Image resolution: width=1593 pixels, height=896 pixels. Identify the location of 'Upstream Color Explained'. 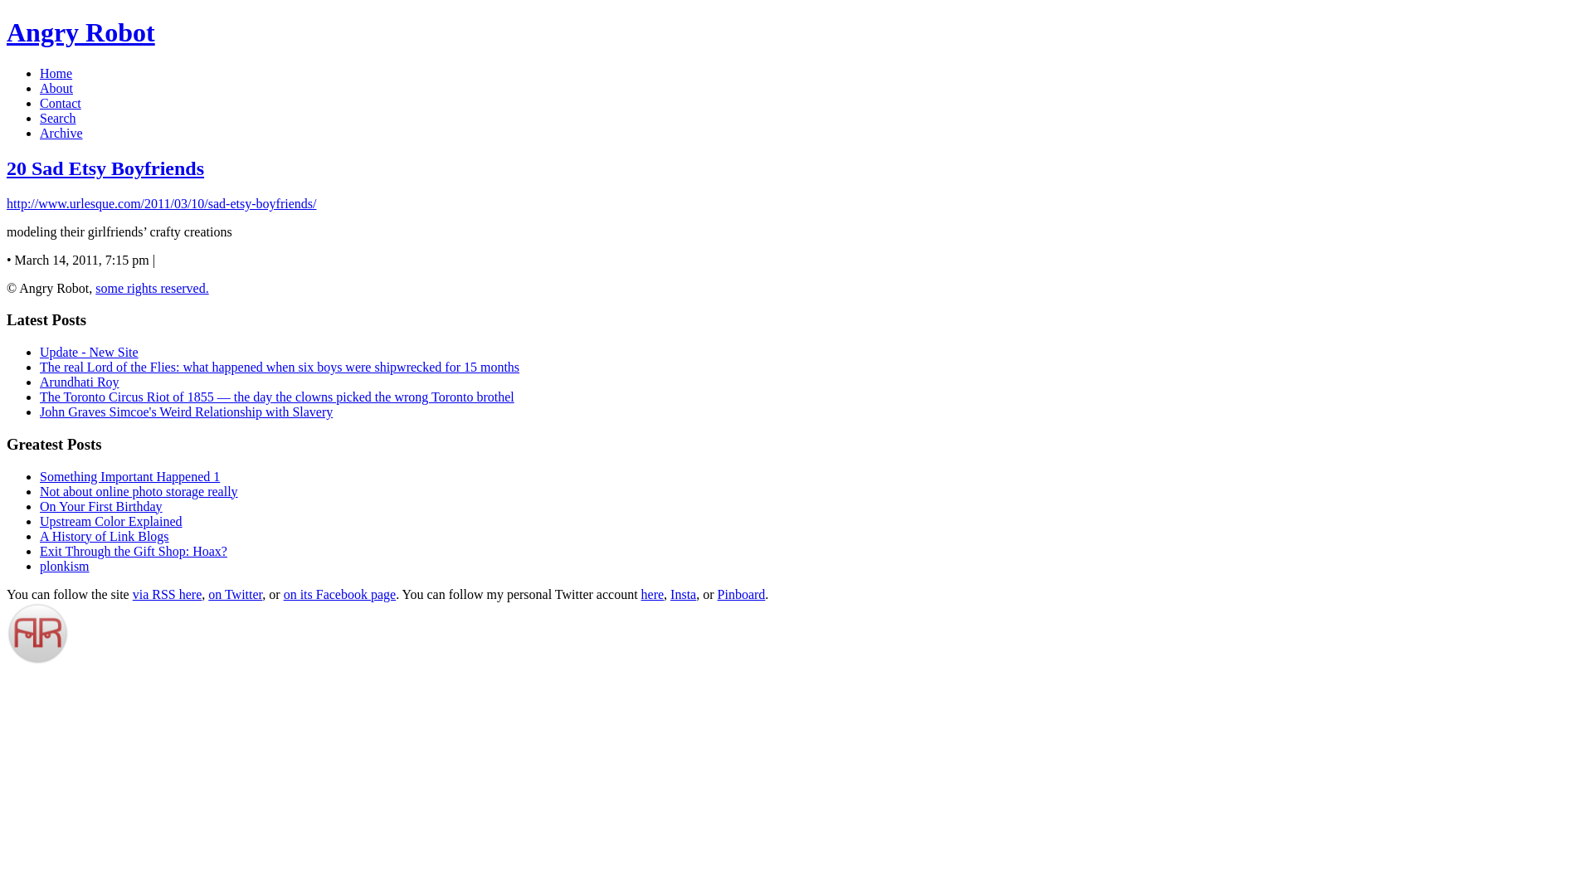
(110, 520).